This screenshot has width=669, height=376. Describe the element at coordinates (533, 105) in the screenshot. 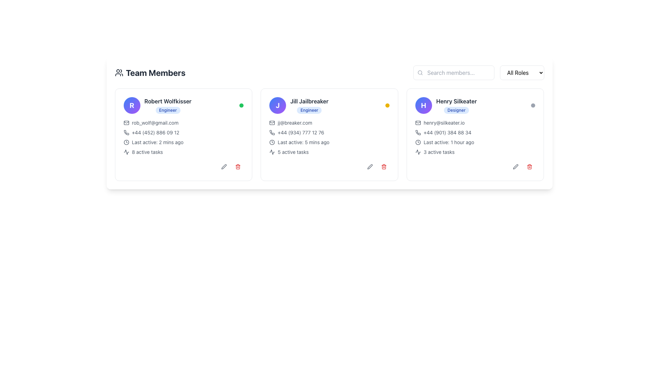

I see `the visual indicator dot located at the far right of the card for 'Henry Silkeater, Designer', which serves as a status marker` at that location.